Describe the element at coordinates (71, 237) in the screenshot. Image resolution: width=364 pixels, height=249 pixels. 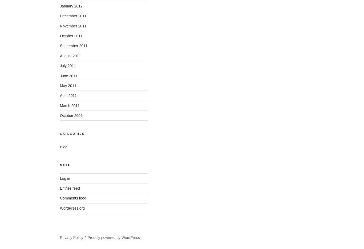
I see `'Privacy Policy'` at that location.